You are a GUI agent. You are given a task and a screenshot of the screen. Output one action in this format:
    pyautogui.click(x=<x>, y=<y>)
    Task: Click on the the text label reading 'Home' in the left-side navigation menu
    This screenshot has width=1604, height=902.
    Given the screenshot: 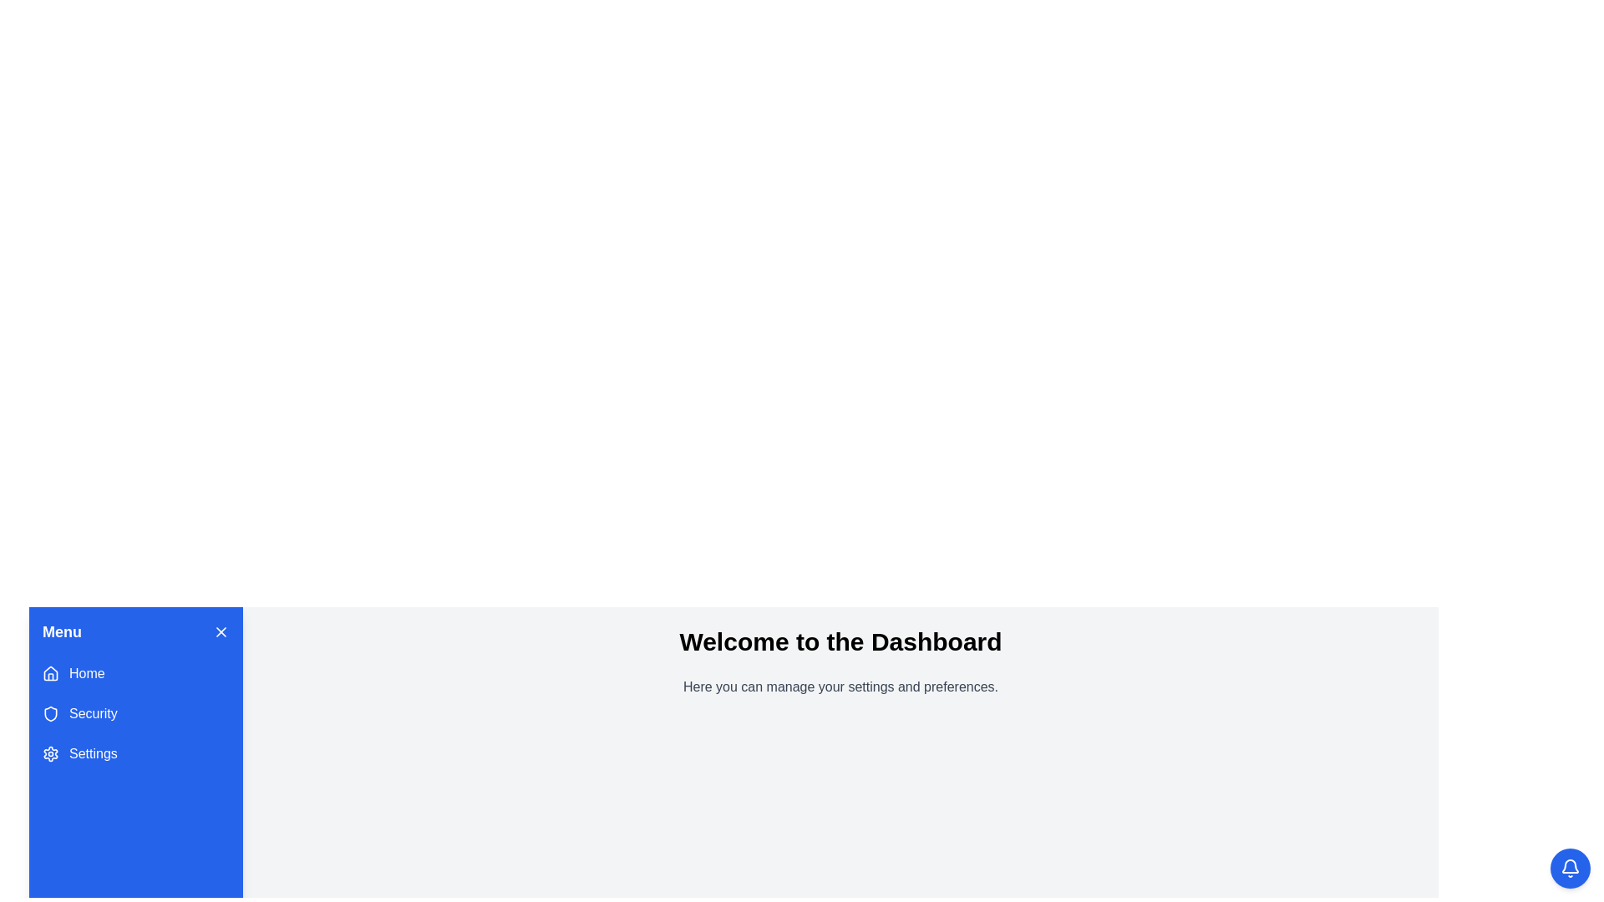 What is the action you would take?
    pyautogui.click(x=86, y=672)
    